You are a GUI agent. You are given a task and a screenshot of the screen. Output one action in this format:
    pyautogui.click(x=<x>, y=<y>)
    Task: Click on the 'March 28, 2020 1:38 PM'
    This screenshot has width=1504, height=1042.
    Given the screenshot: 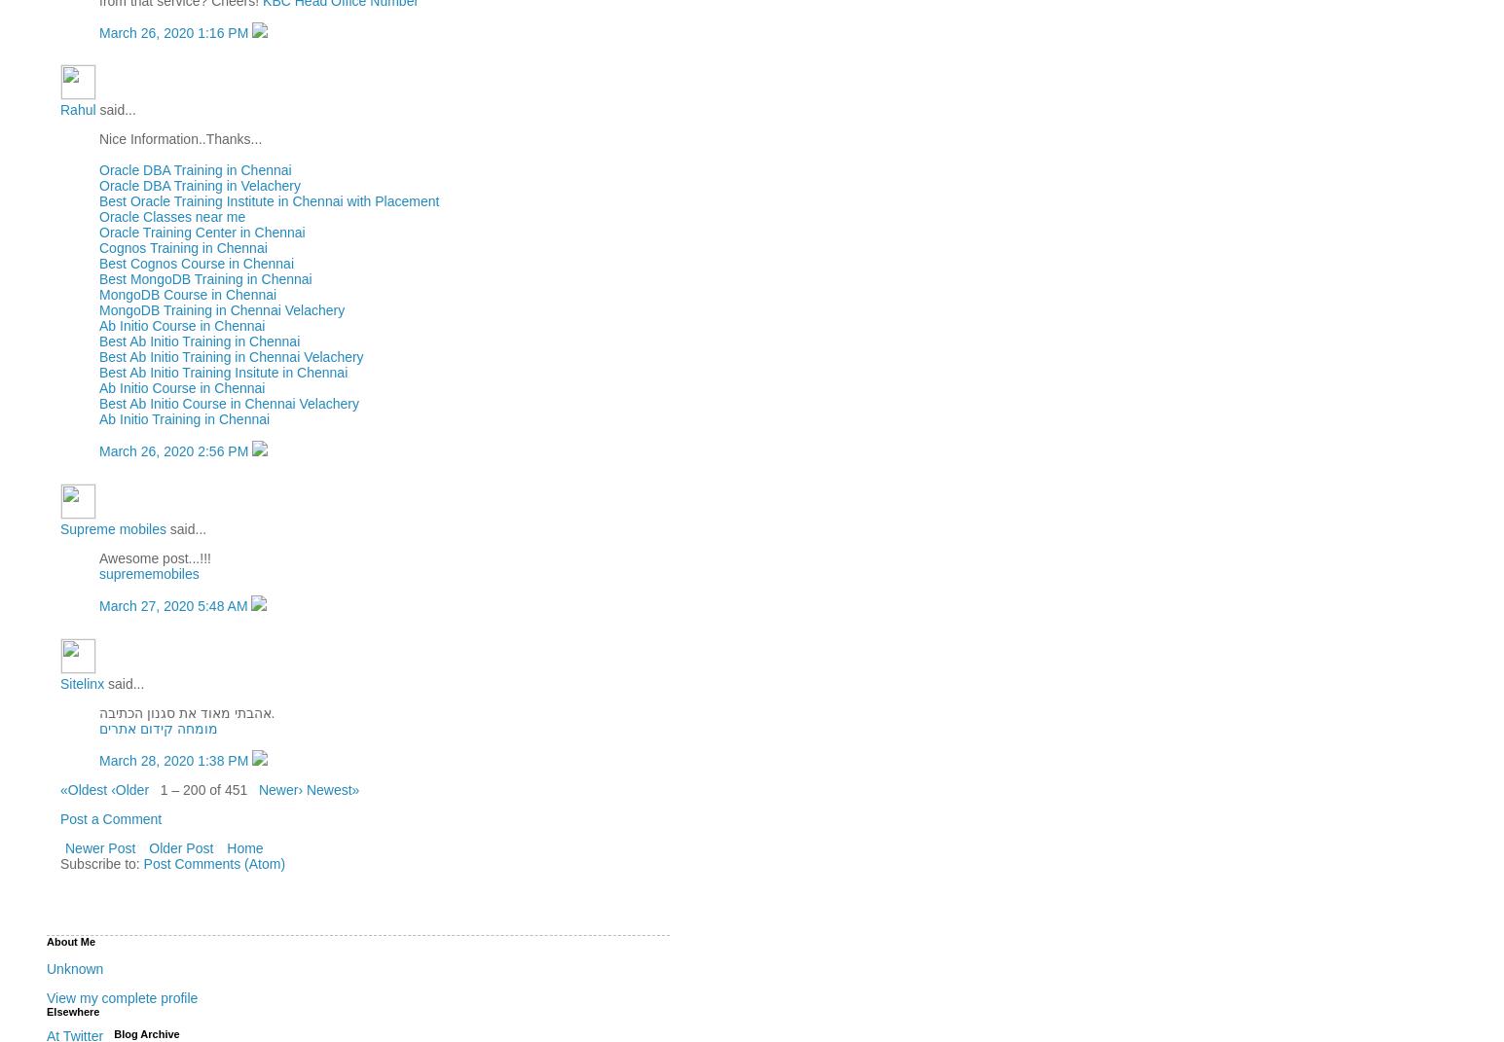 What is the action you would take?
    pyautogui.click(x=175, y=760)
    